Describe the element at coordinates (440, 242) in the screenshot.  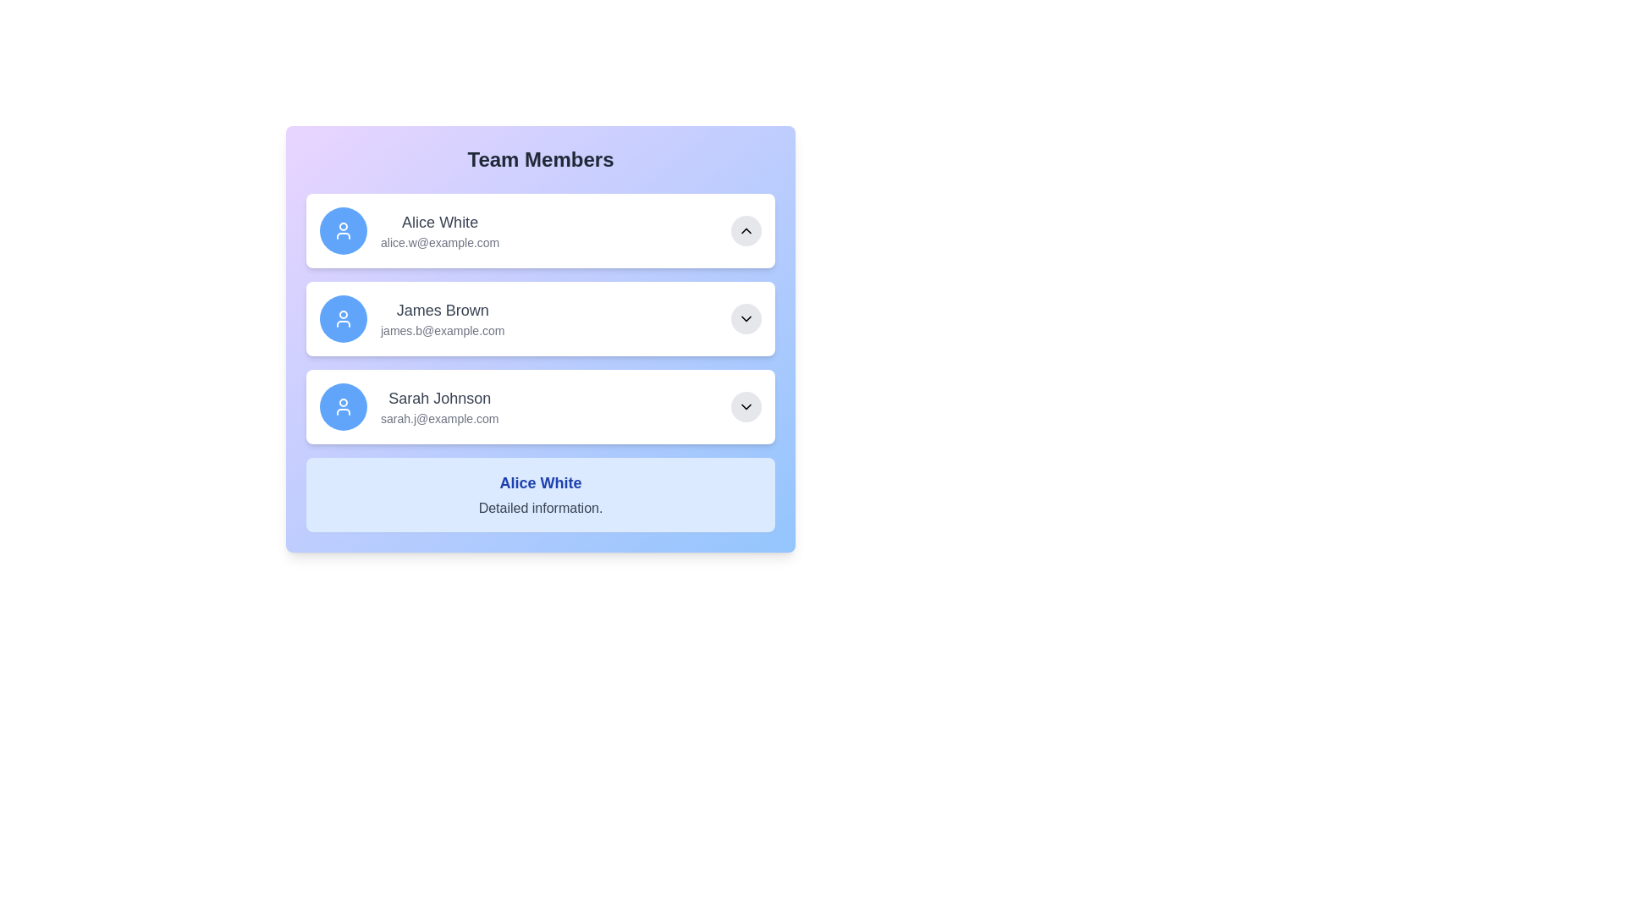
I see `email address 'alice.w@example.com' displayed in gray color beneath the name 'Alice White' in the 'Team Members' section` at that location.